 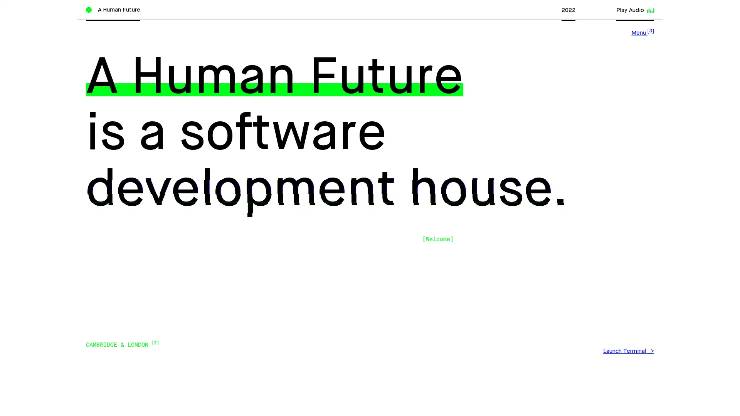 I want to click on Play Audio, so click(x=634, y=10).